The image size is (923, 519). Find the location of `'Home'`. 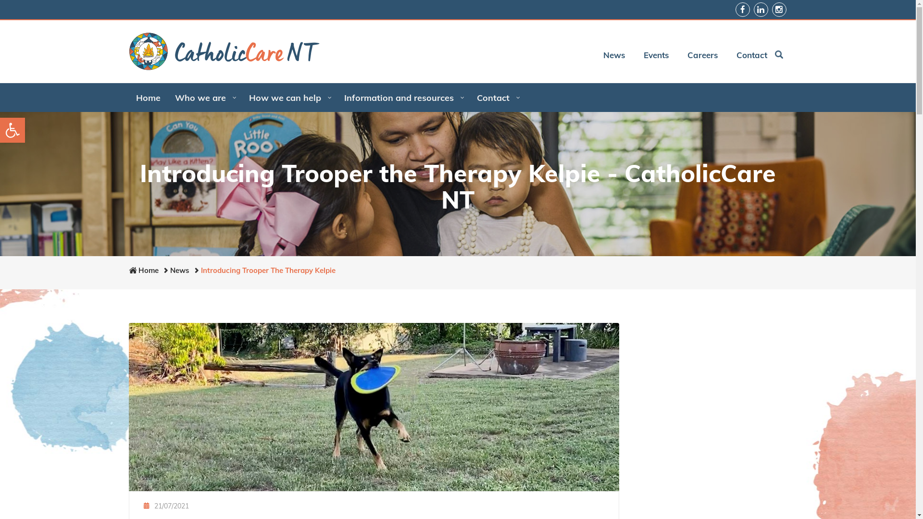

'Home' is located at coordinates (148, 98).